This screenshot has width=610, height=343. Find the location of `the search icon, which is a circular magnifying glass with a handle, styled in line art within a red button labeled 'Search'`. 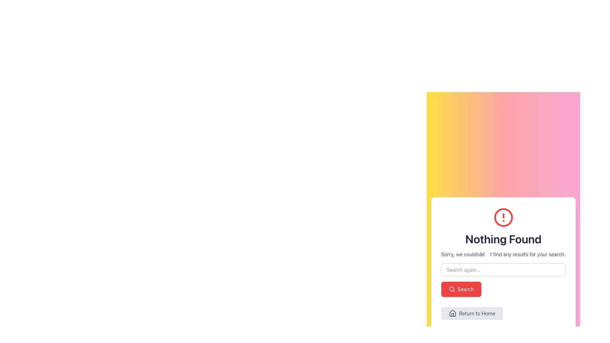

the search icon, which is a circular magnifying glass with a handle, styled in line art within a red button labeled 'Search' is located at coordinates (451, 289).